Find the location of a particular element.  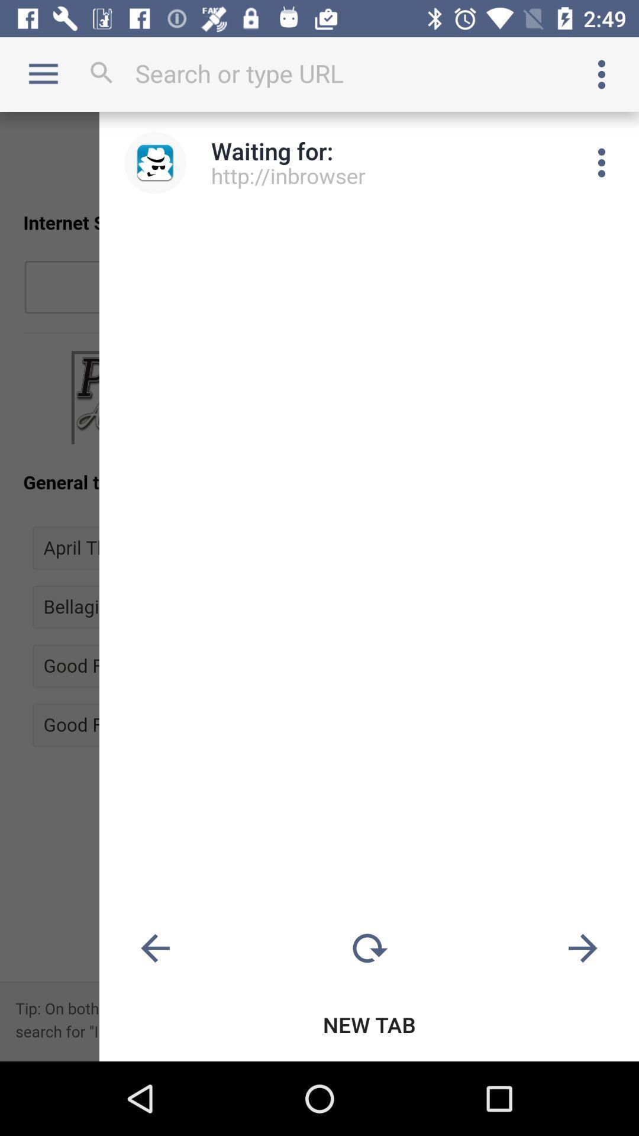

icon below http://inbrowser is located at coordinates (369, 948).